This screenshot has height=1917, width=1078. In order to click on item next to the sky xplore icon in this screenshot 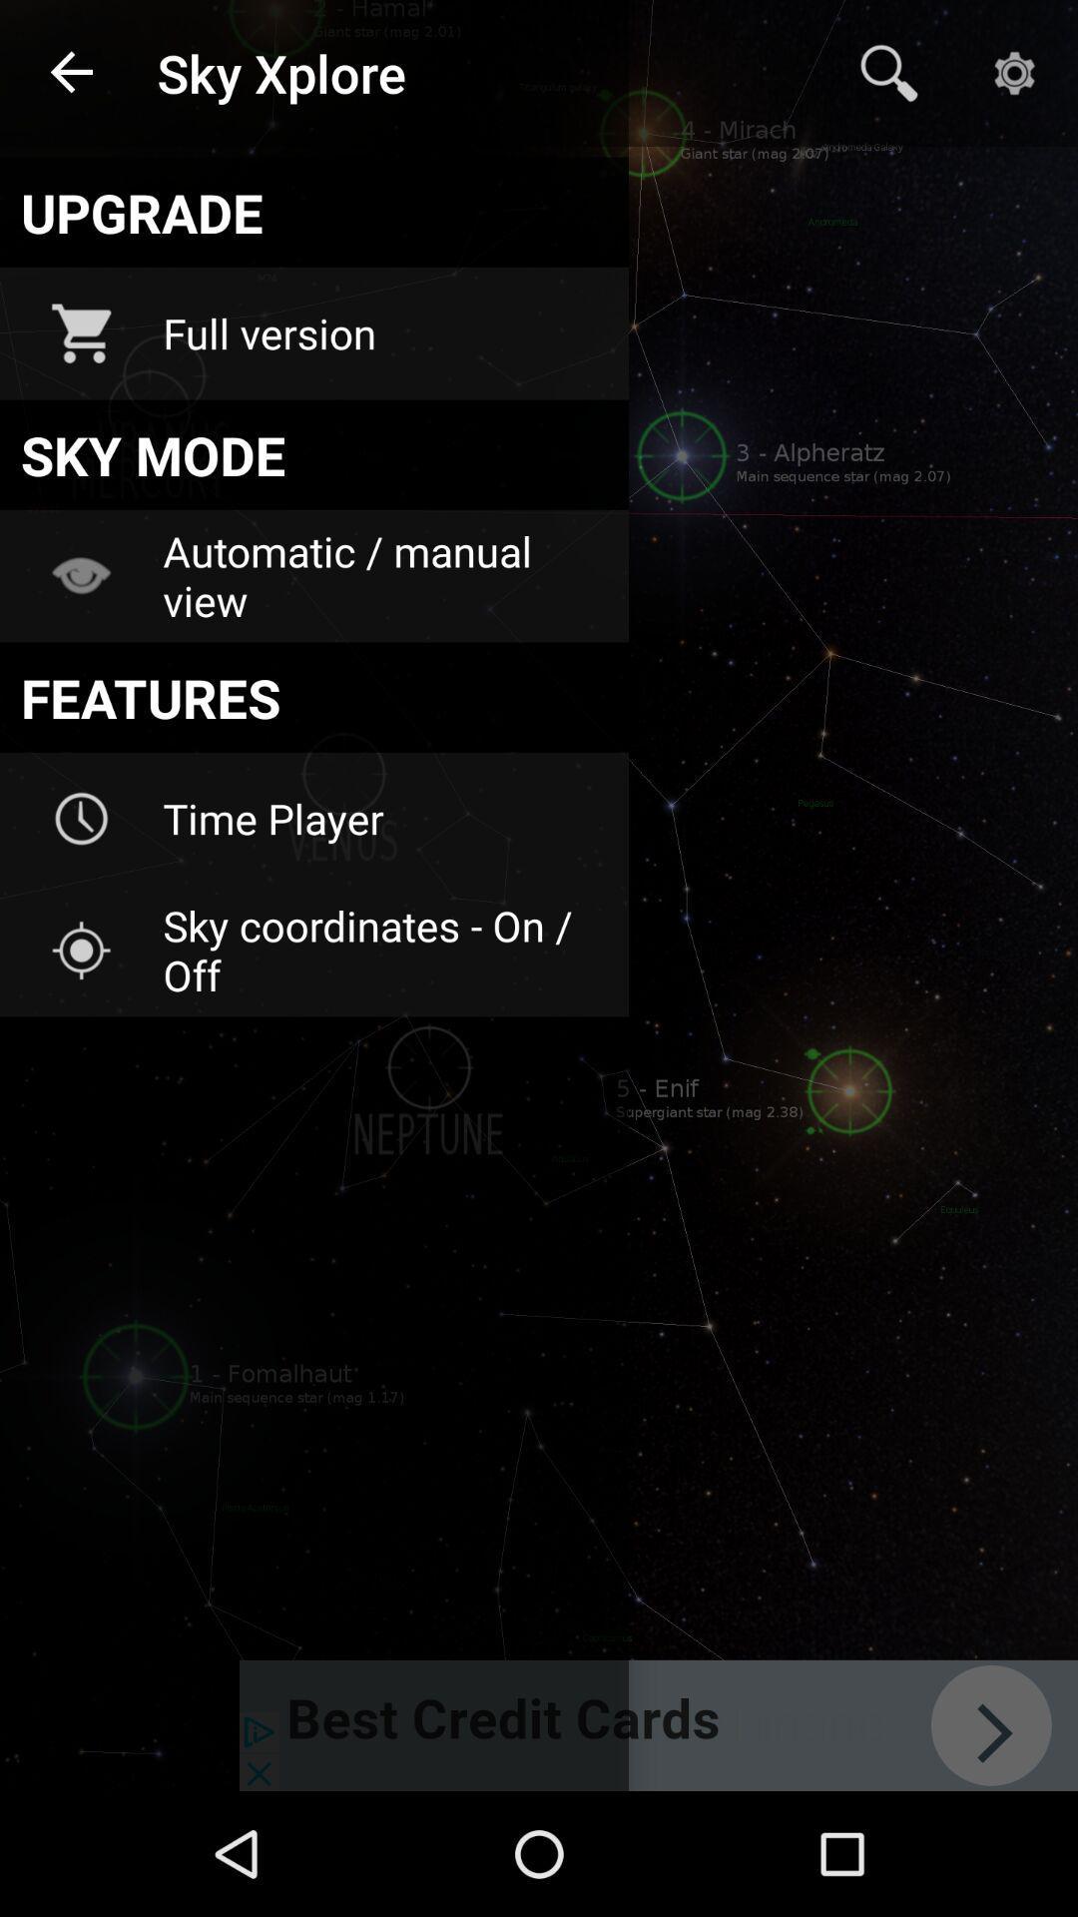, I will do `click(888, 73)`.